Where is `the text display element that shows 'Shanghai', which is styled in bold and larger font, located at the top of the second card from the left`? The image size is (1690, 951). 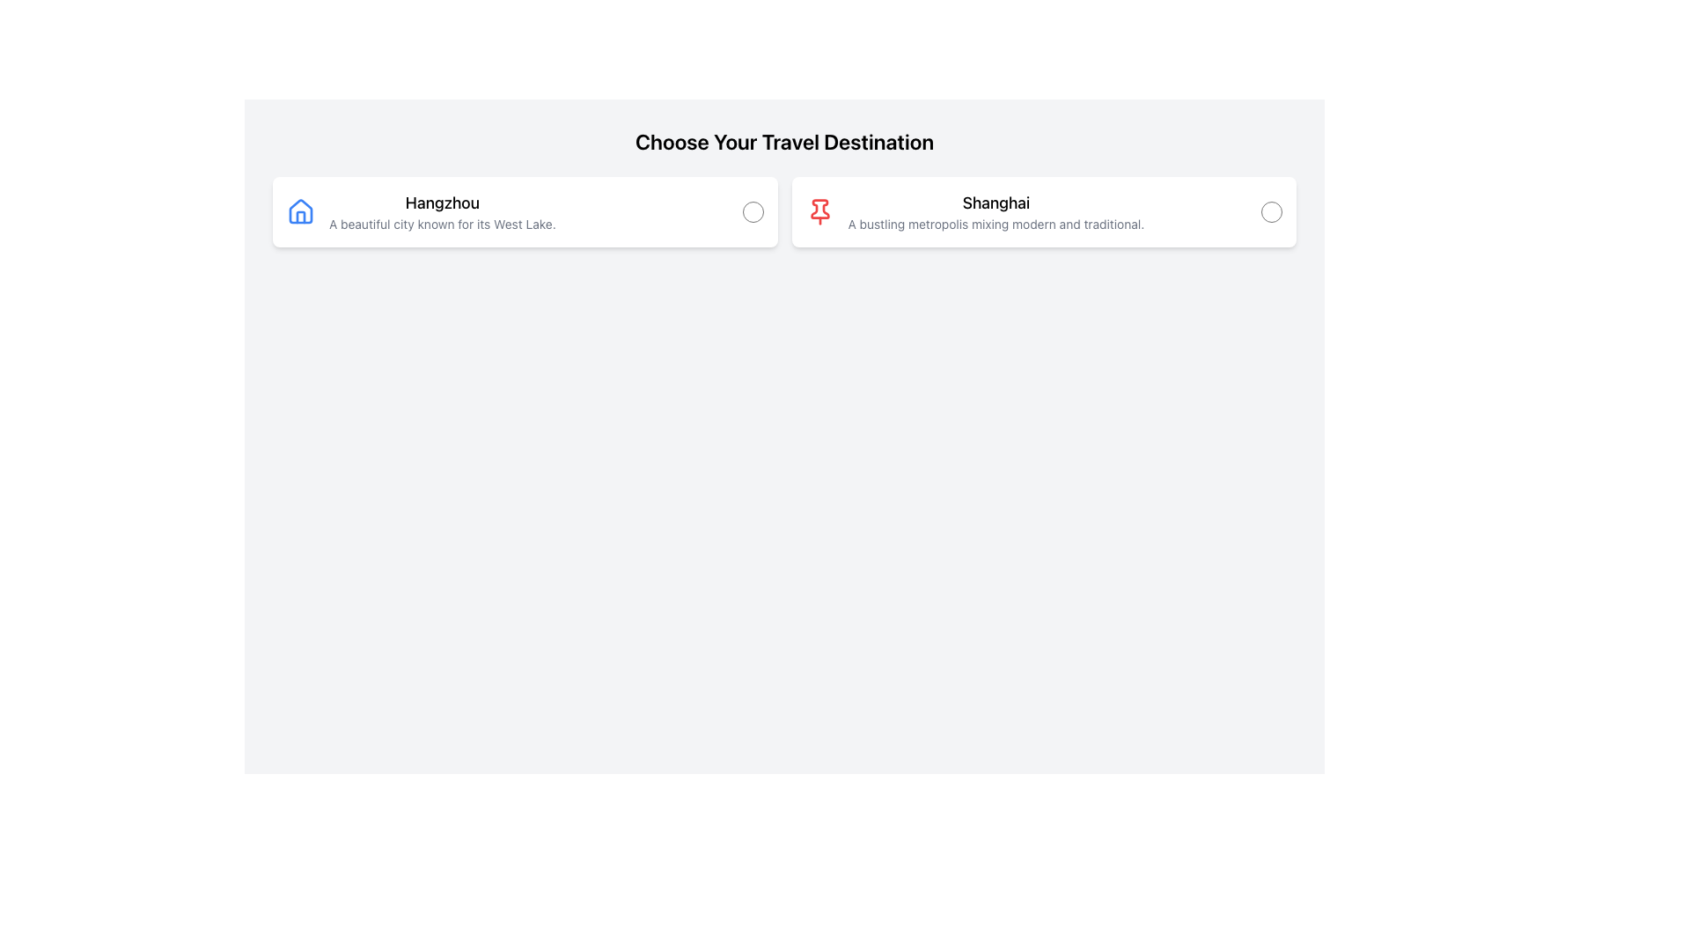 the text display element that shows 'Shanghai', which is styled in bold and larger font, located at the top of the second card from the left is located at coordinates (996, 203).